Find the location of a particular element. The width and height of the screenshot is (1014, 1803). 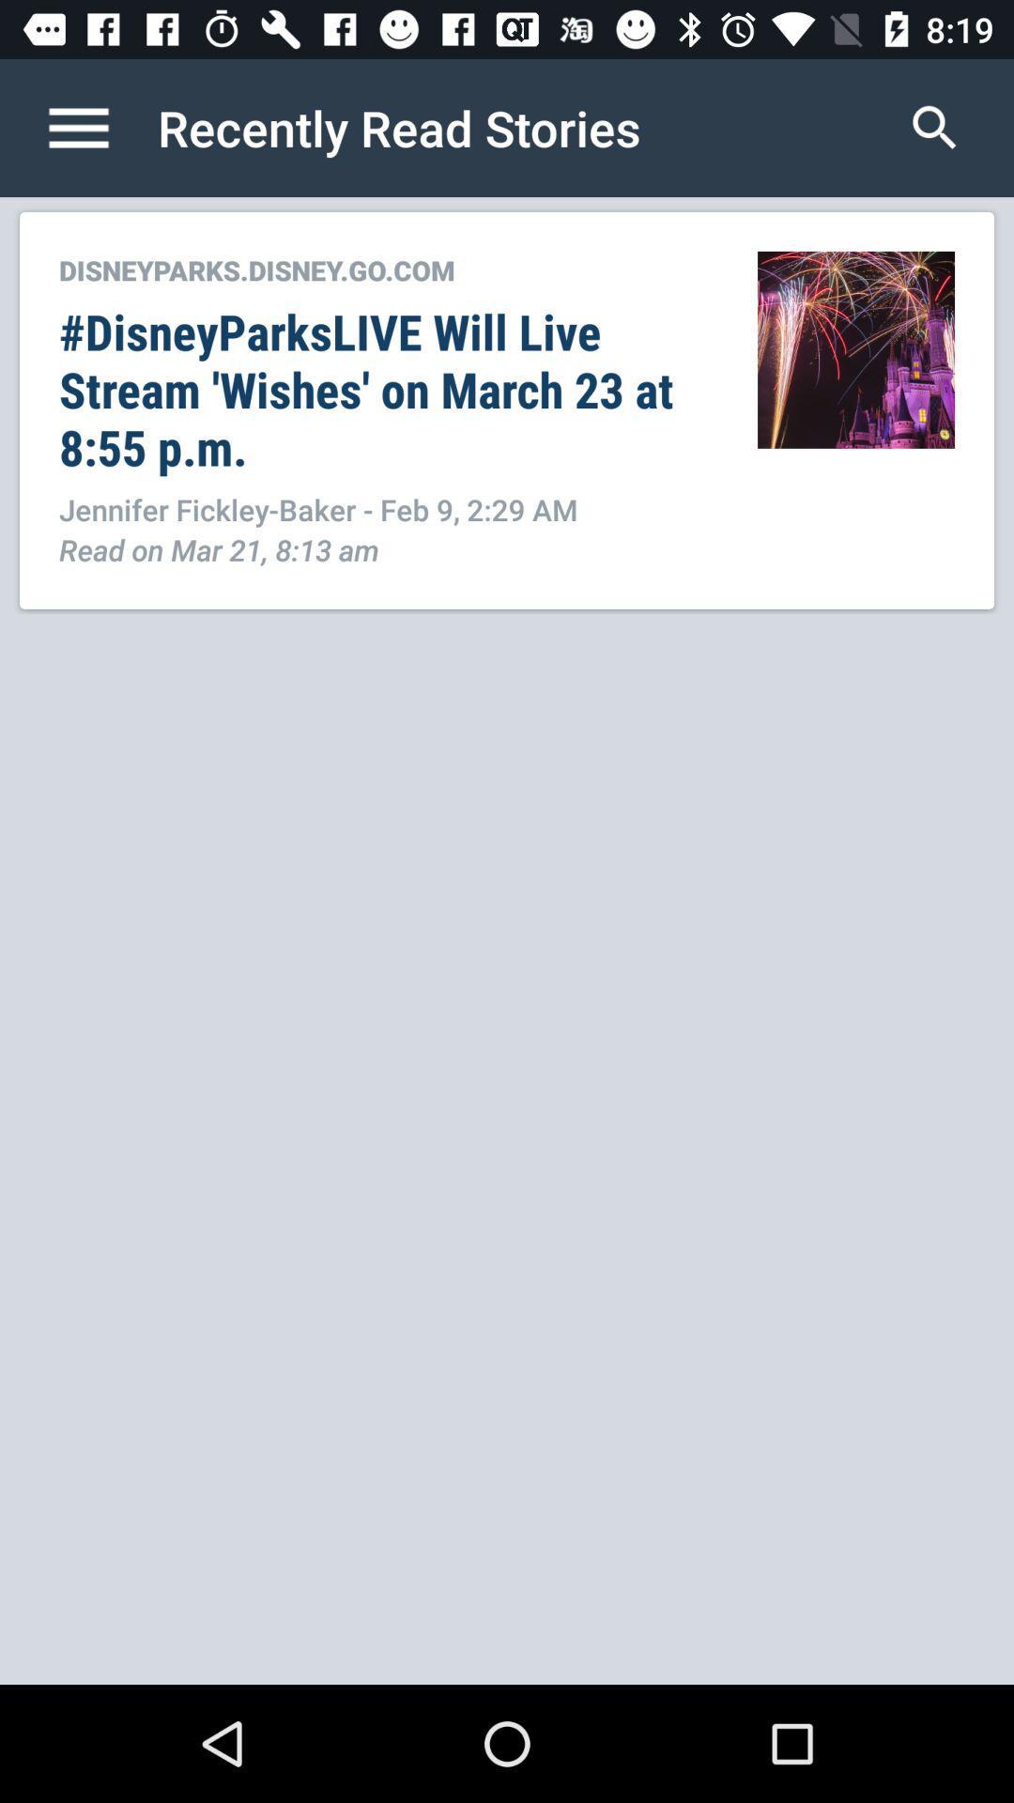

item next to the disneyparks disney go item is located at coordinates (855, 349).